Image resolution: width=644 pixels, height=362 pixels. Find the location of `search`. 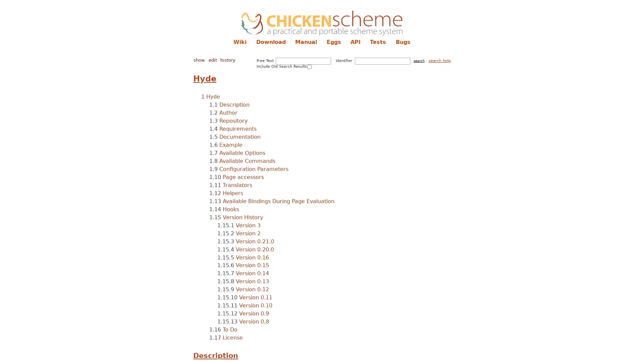

search is located at coordinates (418, 61).